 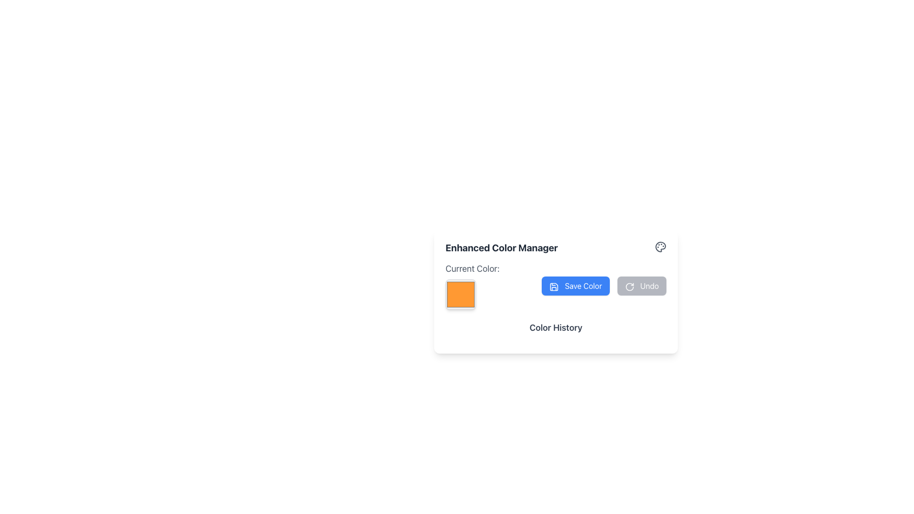 What do you see at coordinates (660, 247) in the screenshot?
I see `the painter's palette icon located at the top-right corner of the Enhanced Color Manager header` at bounding box center [660, 247].